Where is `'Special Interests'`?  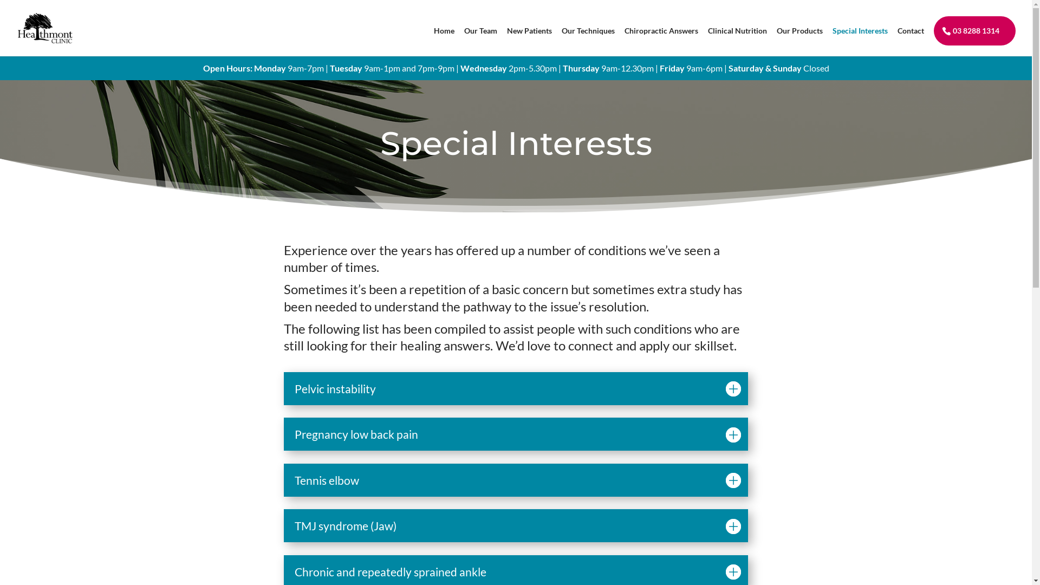
'Special Interests' is located at coordinates (860, 38).